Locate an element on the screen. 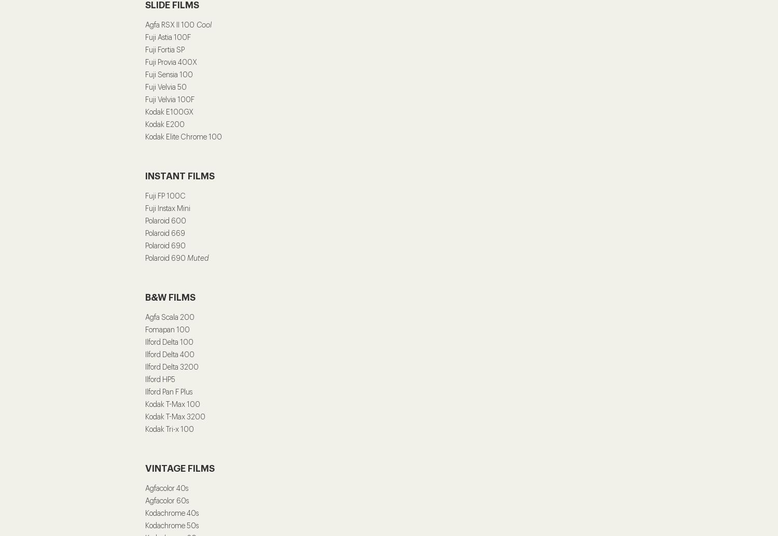 The image size is (778, 536). 'Kodak T-Max 100' is located at coordinates (172, 404).